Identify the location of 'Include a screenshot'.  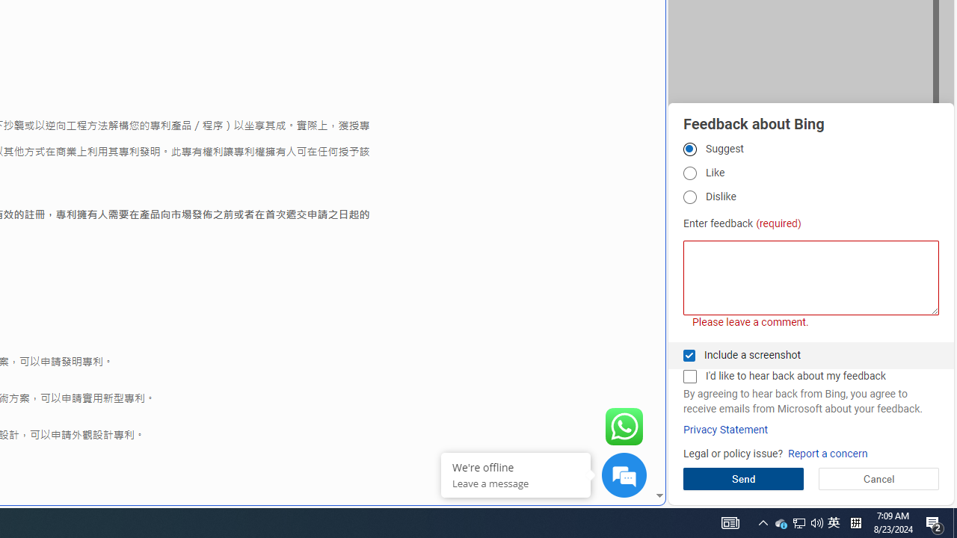
(689, 355).